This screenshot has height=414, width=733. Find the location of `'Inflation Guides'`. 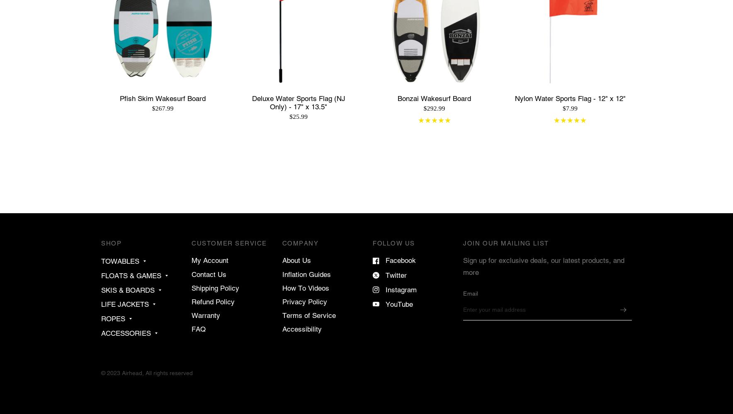

'Inflation Guides' is located at coordinates (306, 274).